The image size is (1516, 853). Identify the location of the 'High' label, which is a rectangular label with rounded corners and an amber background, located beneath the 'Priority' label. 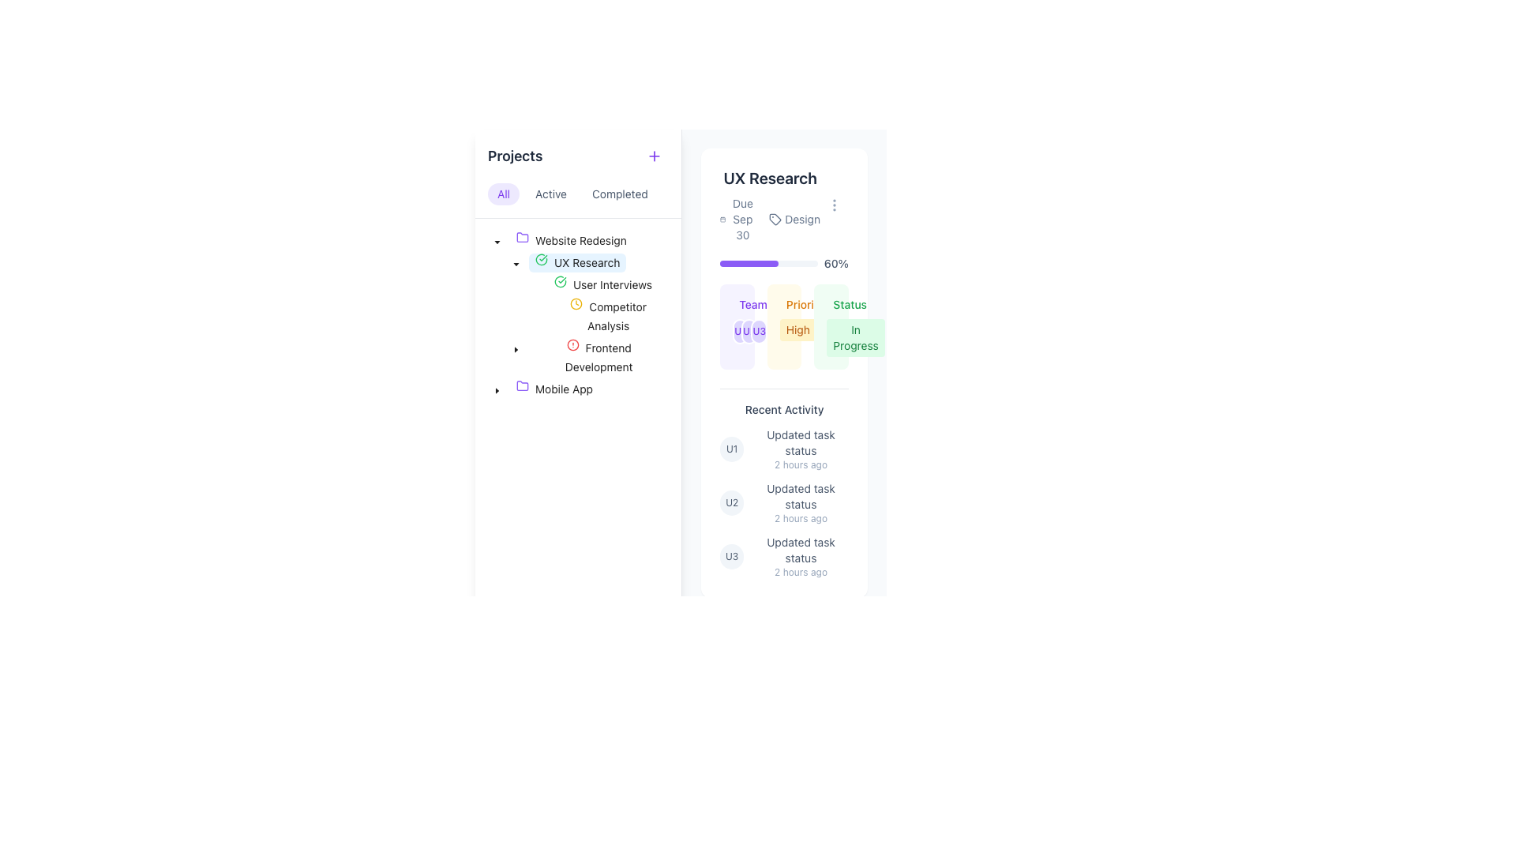
(797, 329).